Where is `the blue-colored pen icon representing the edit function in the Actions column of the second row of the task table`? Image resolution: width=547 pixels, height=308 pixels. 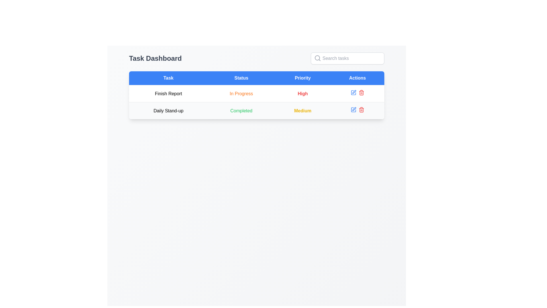
the blue-colored pen icon representing the edit function in the Actions column of the second row of the task table is located at coordinates (353, 110).